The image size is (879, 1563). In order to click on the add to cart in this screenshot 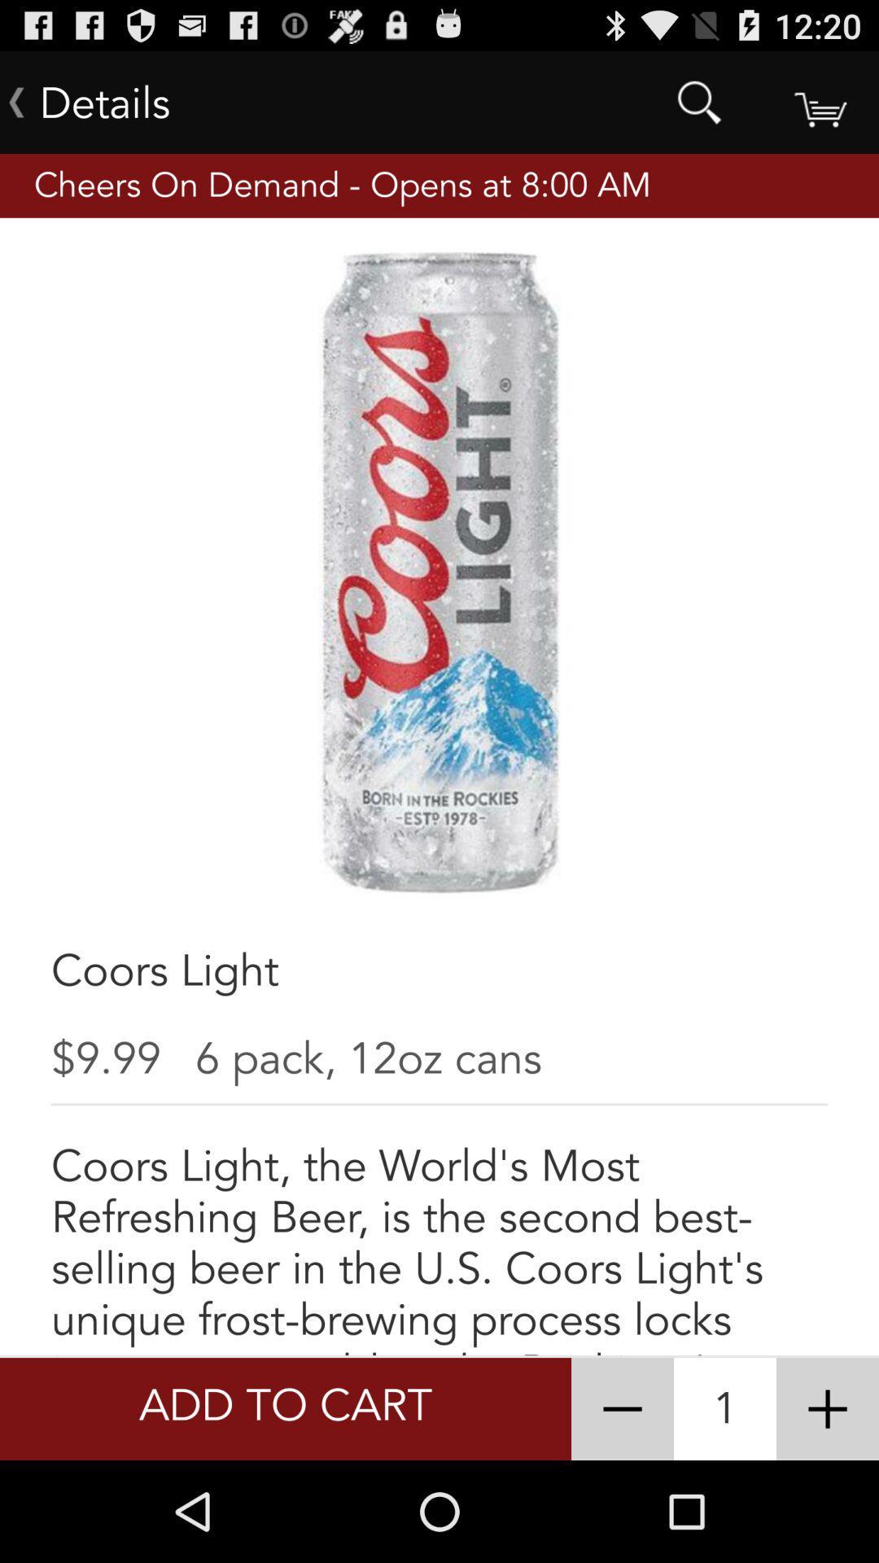, I will do `click(285, 1408)`.